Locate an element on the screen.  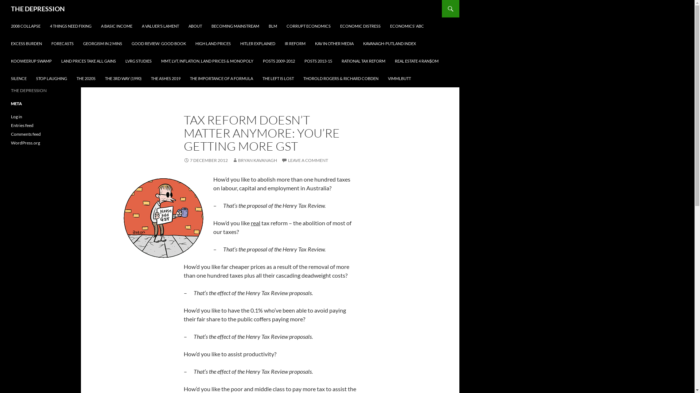
'POSTS 2009-2012' is located at coordinates (278, 61).